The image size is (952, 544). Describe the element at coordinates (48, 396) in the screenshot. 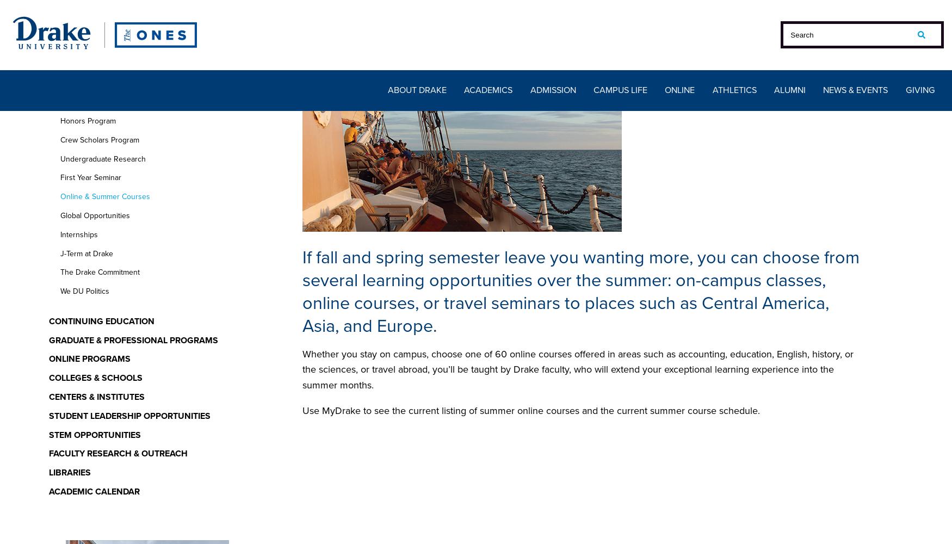

I see `'Centers & Institutes'` at that location.